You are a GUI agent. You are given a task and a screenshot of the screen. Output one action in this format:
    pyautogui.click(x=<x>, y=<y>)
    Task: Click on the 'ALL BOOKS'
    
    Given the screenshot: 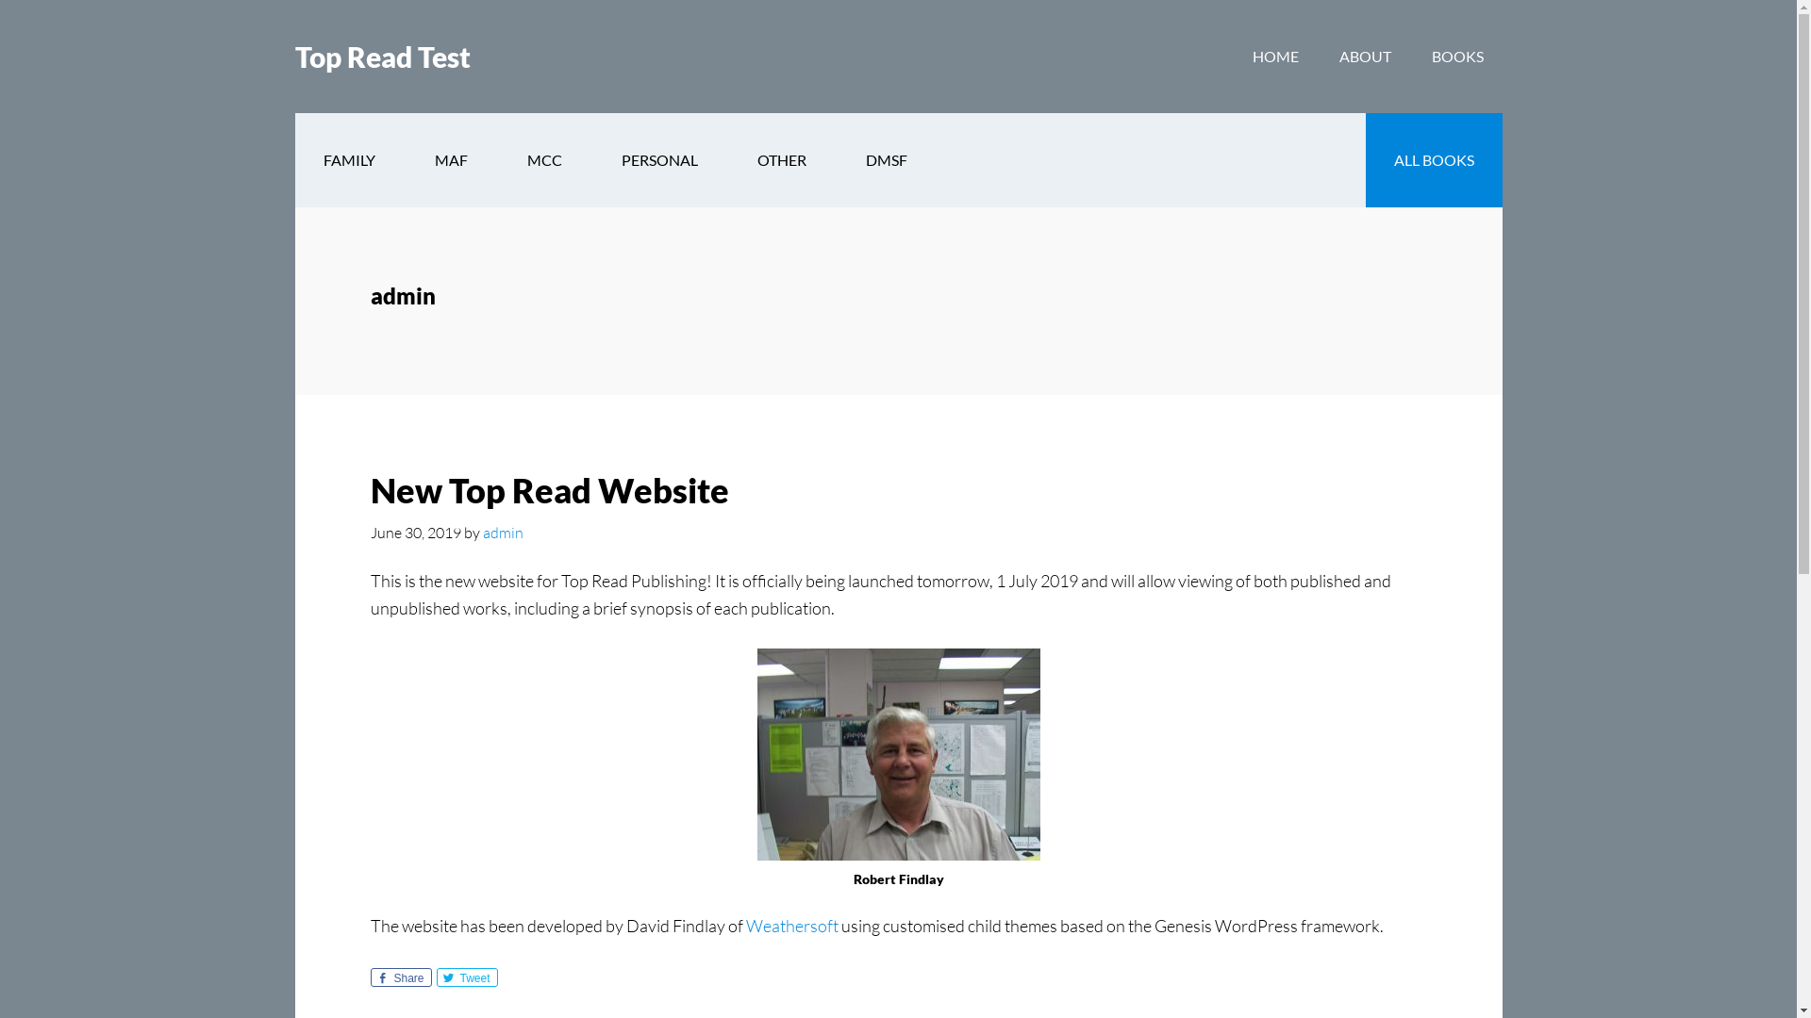 What is the action you would take?
    pyautogui.click(x=1434, y=158)
    